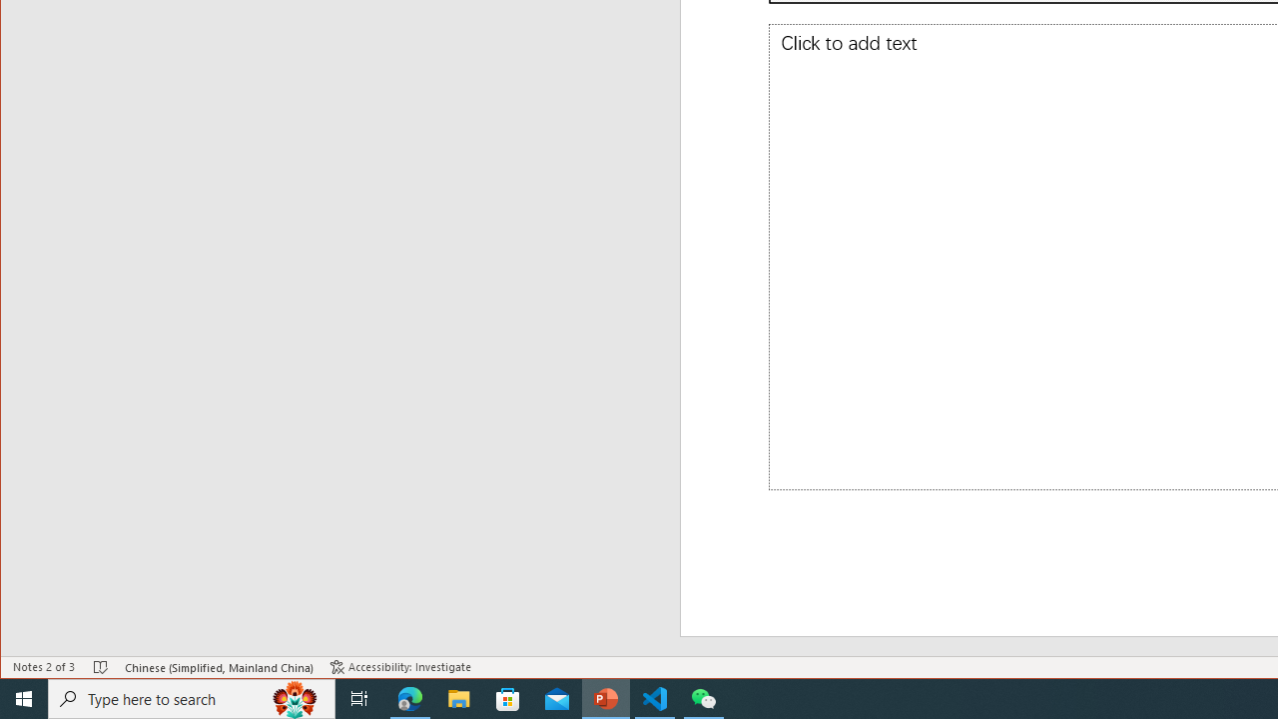 The height and width of the screenshot is (719, 1278). Describe the element at coordinates (24, 697) in the screenshot. I see `'Start'` at that location.